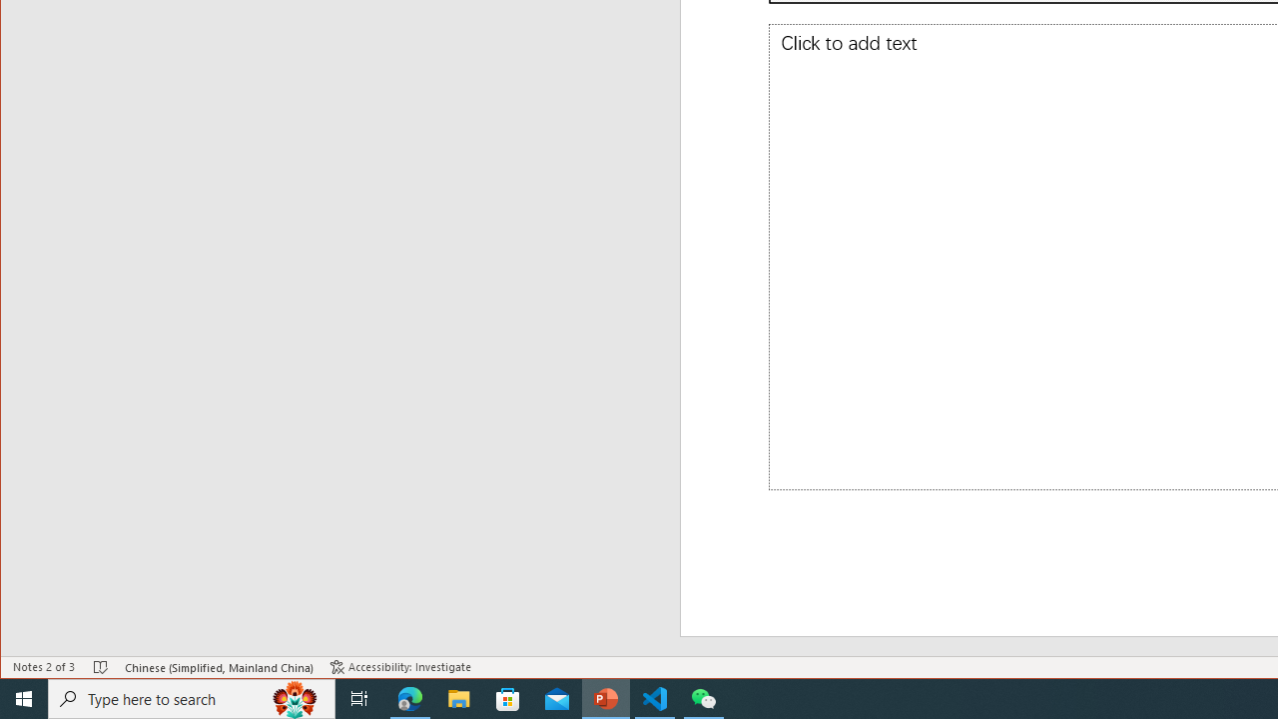 The height and width of the screenshot is (719, 1278). Describe the element at coordinates (24, 697) in the screenshot. I see `'Start'` at that location.